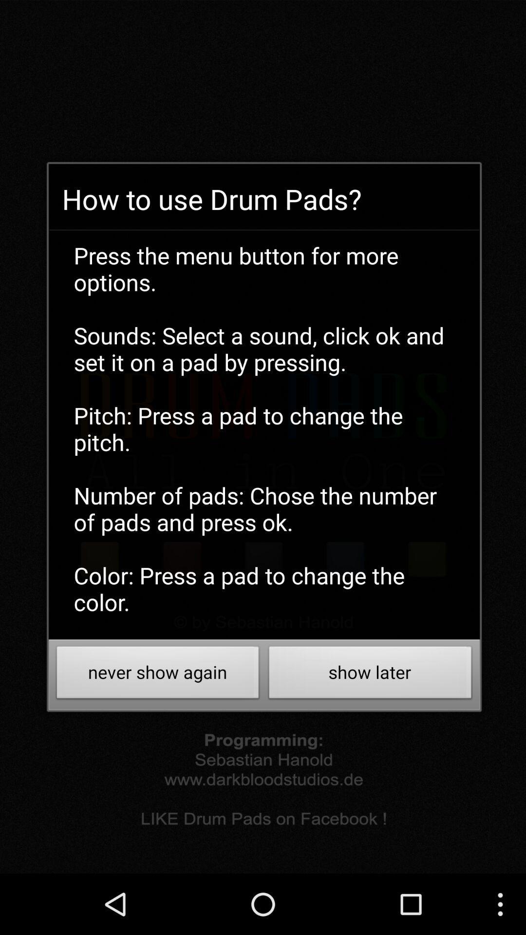 This screenshot has height=935, width=526. What do you see at coordinates (370, 674) in the screenshot?
I see `the show later icon` at bounding box center [370, 674].